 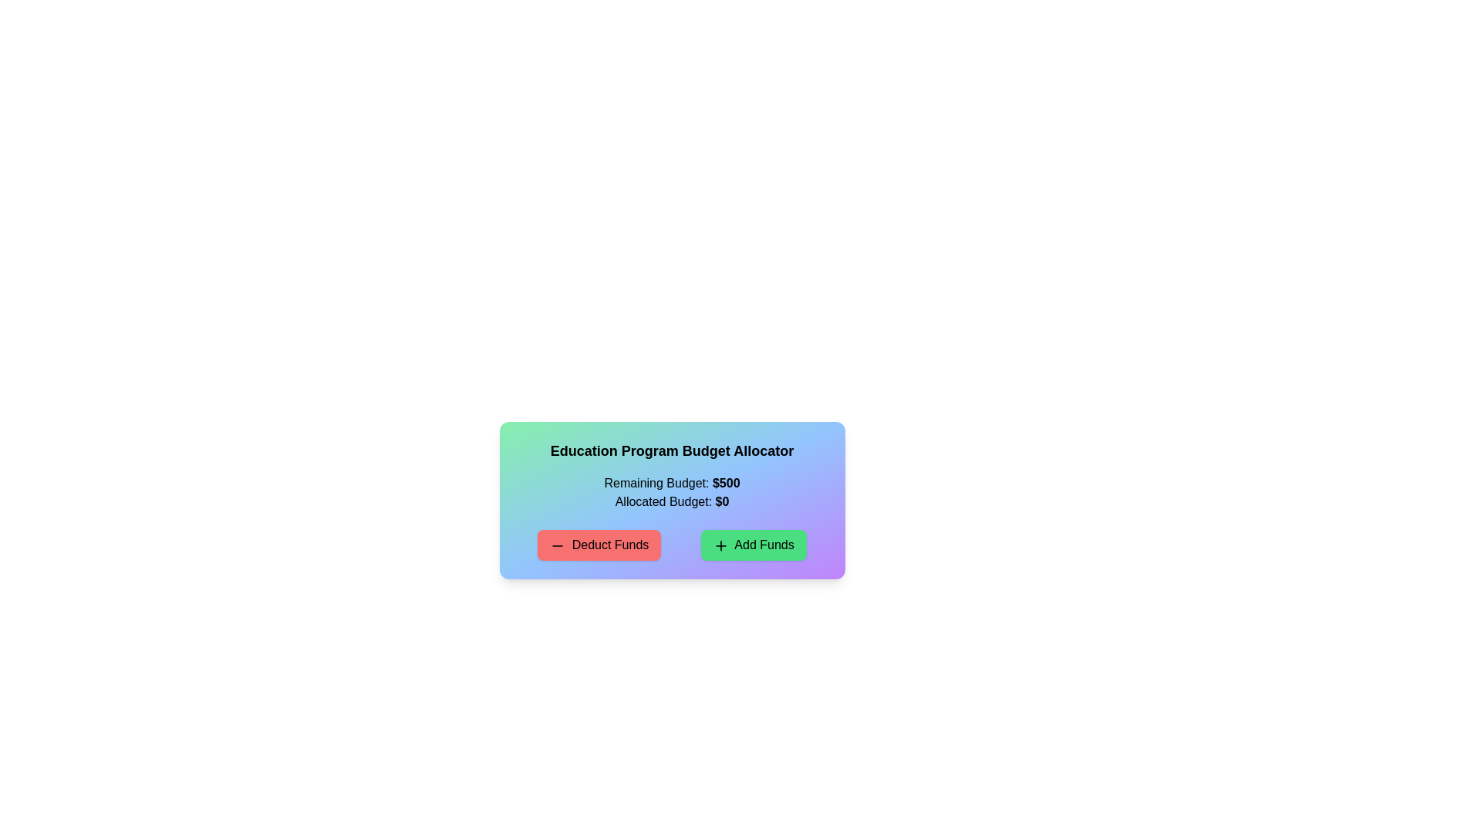 I want to click on the 'Deduct Funds' button which is a rectangular button with a red background, featuring black text and a minus icon, located in the bottom section of the interface, so click(x=599, y=544).